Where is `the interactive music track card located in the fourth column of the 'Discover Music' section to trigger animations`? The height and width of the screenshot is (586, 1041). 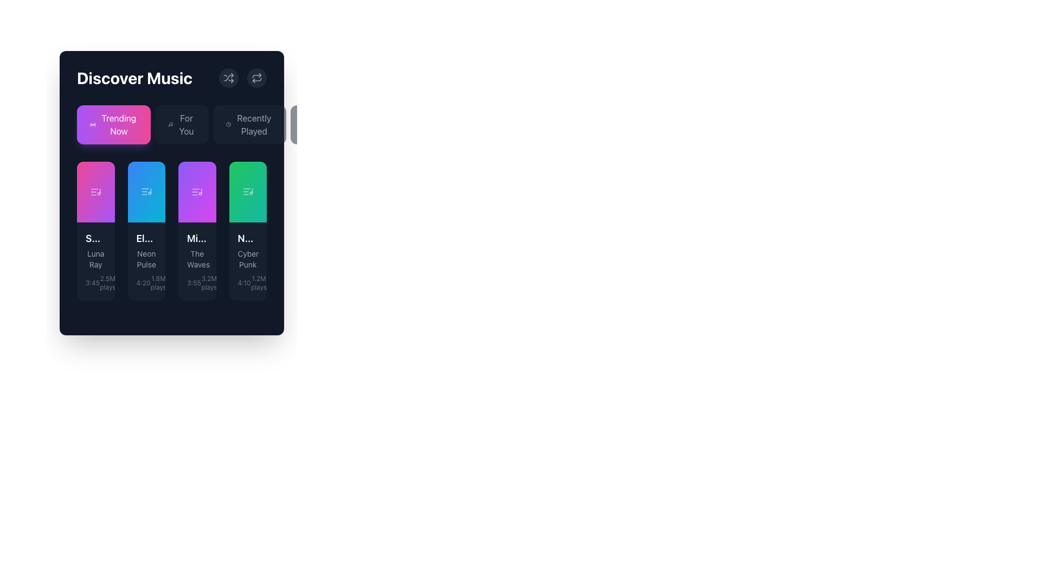 the interactive music track card located in the fourth column of the 'Discover Music' section to trigger animations is located at coordinates (247, 230).